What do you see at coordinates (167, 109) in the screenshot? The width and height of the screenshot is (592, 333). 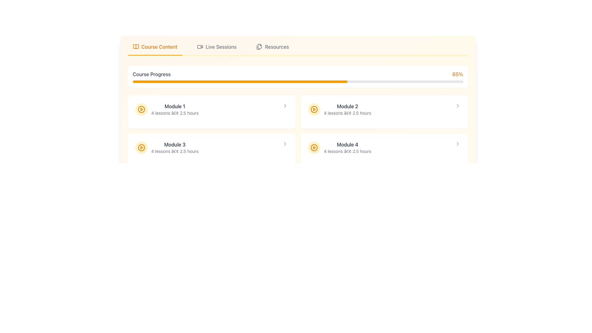 I see `the descriptive text section of the first module block` at bounding box center [167, 109].